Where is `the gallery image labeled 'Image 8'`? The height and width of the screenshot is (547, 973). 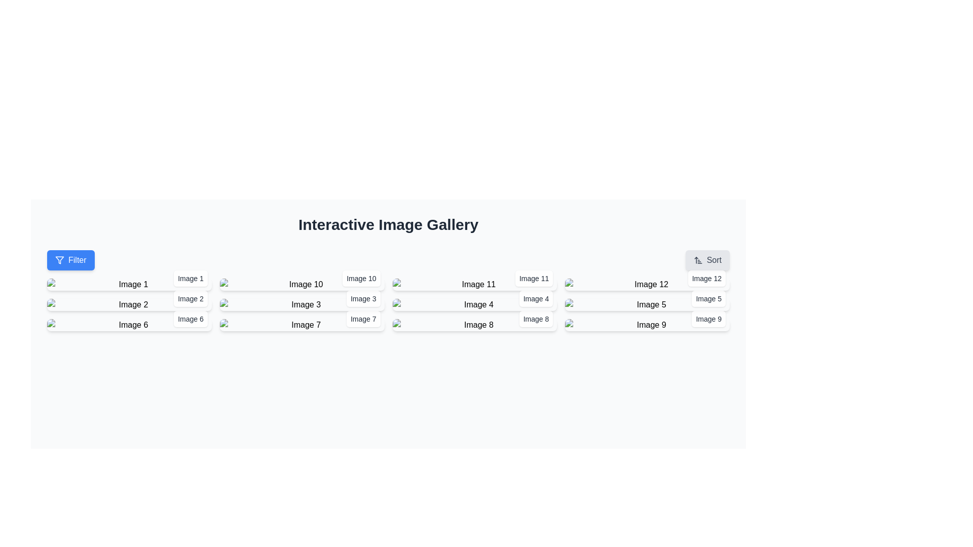 the gallery image labeled 'Image 8' is located at coordinates (474, 325).